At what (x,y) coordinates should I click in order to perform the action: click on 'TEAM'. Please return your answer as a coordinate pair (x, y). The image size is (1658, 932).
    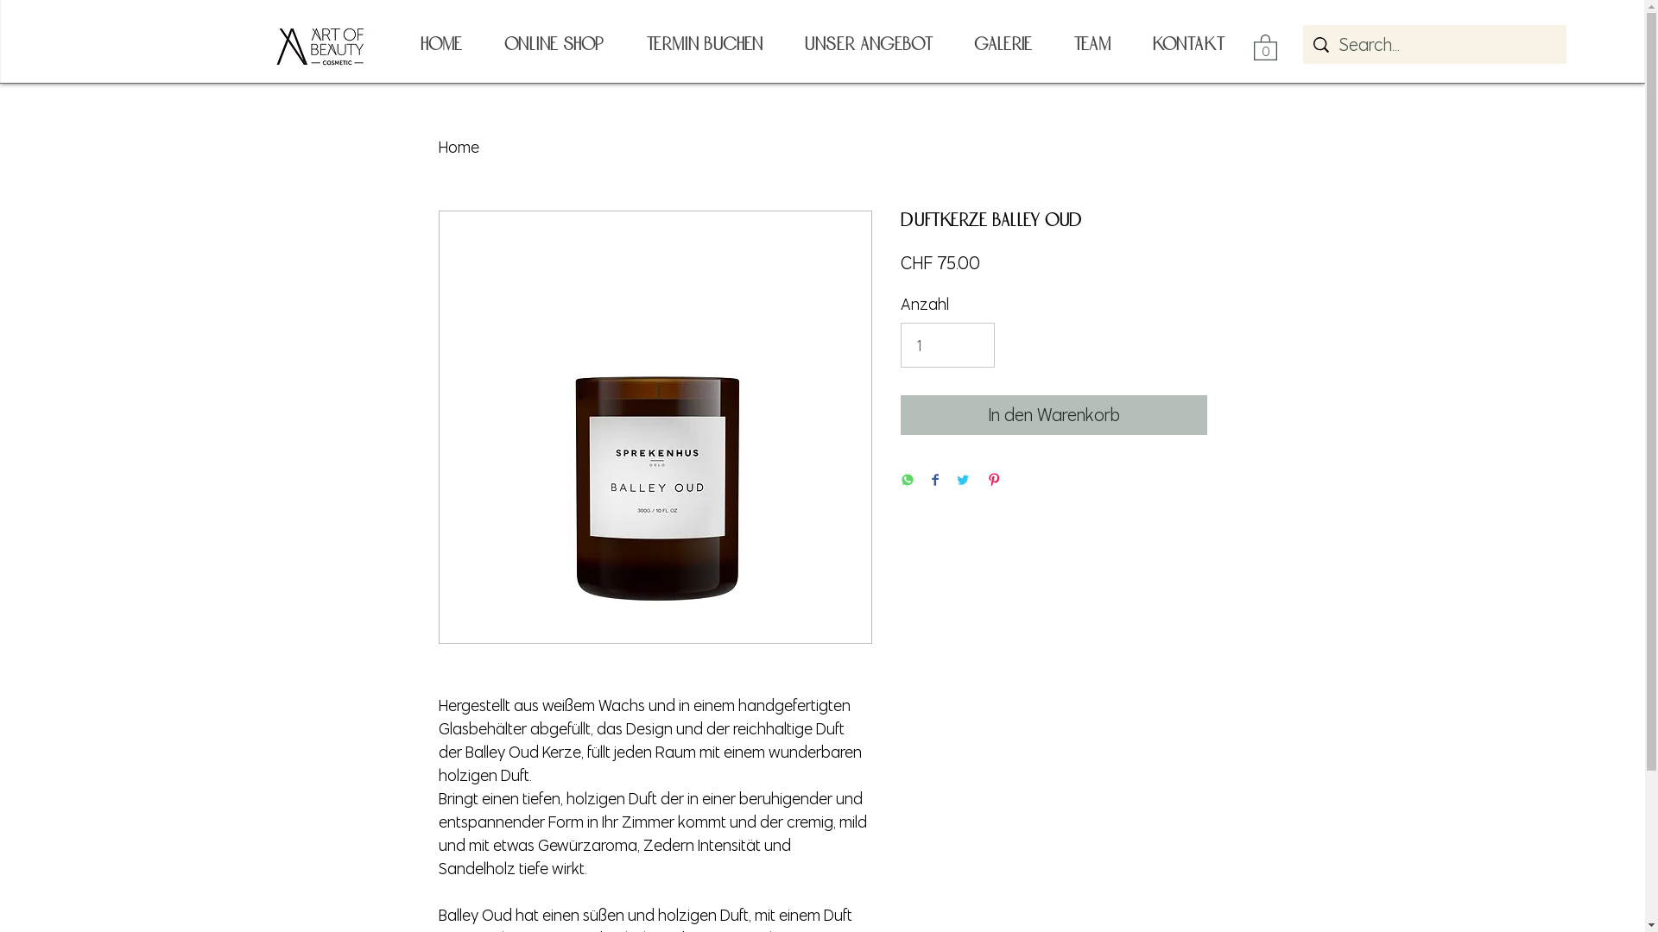
    Looking at the image, I should click on (1051, 43).